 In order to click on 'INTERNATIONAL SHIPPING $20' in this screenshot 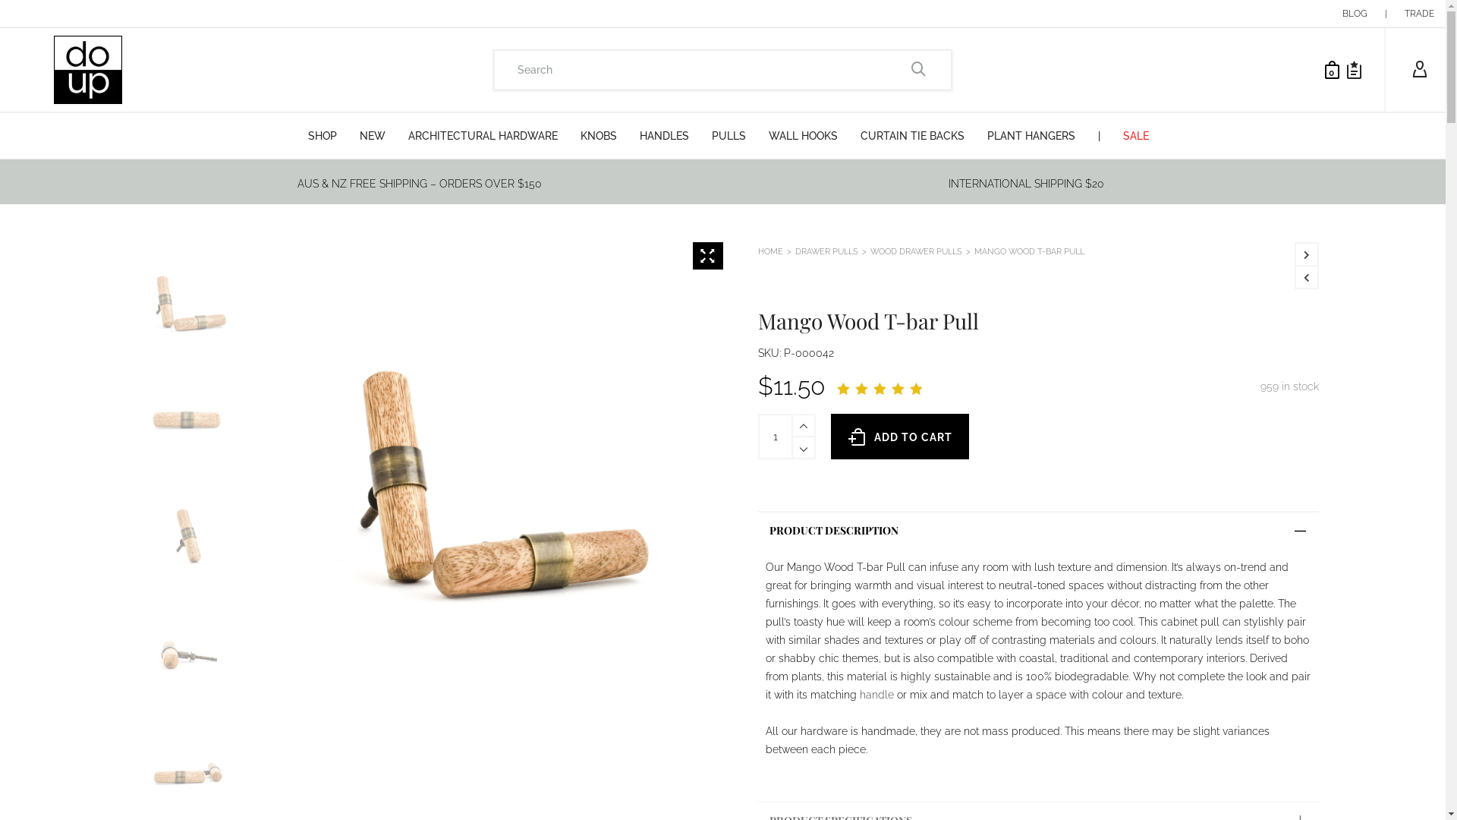, I will do `click(1026, 183)`.